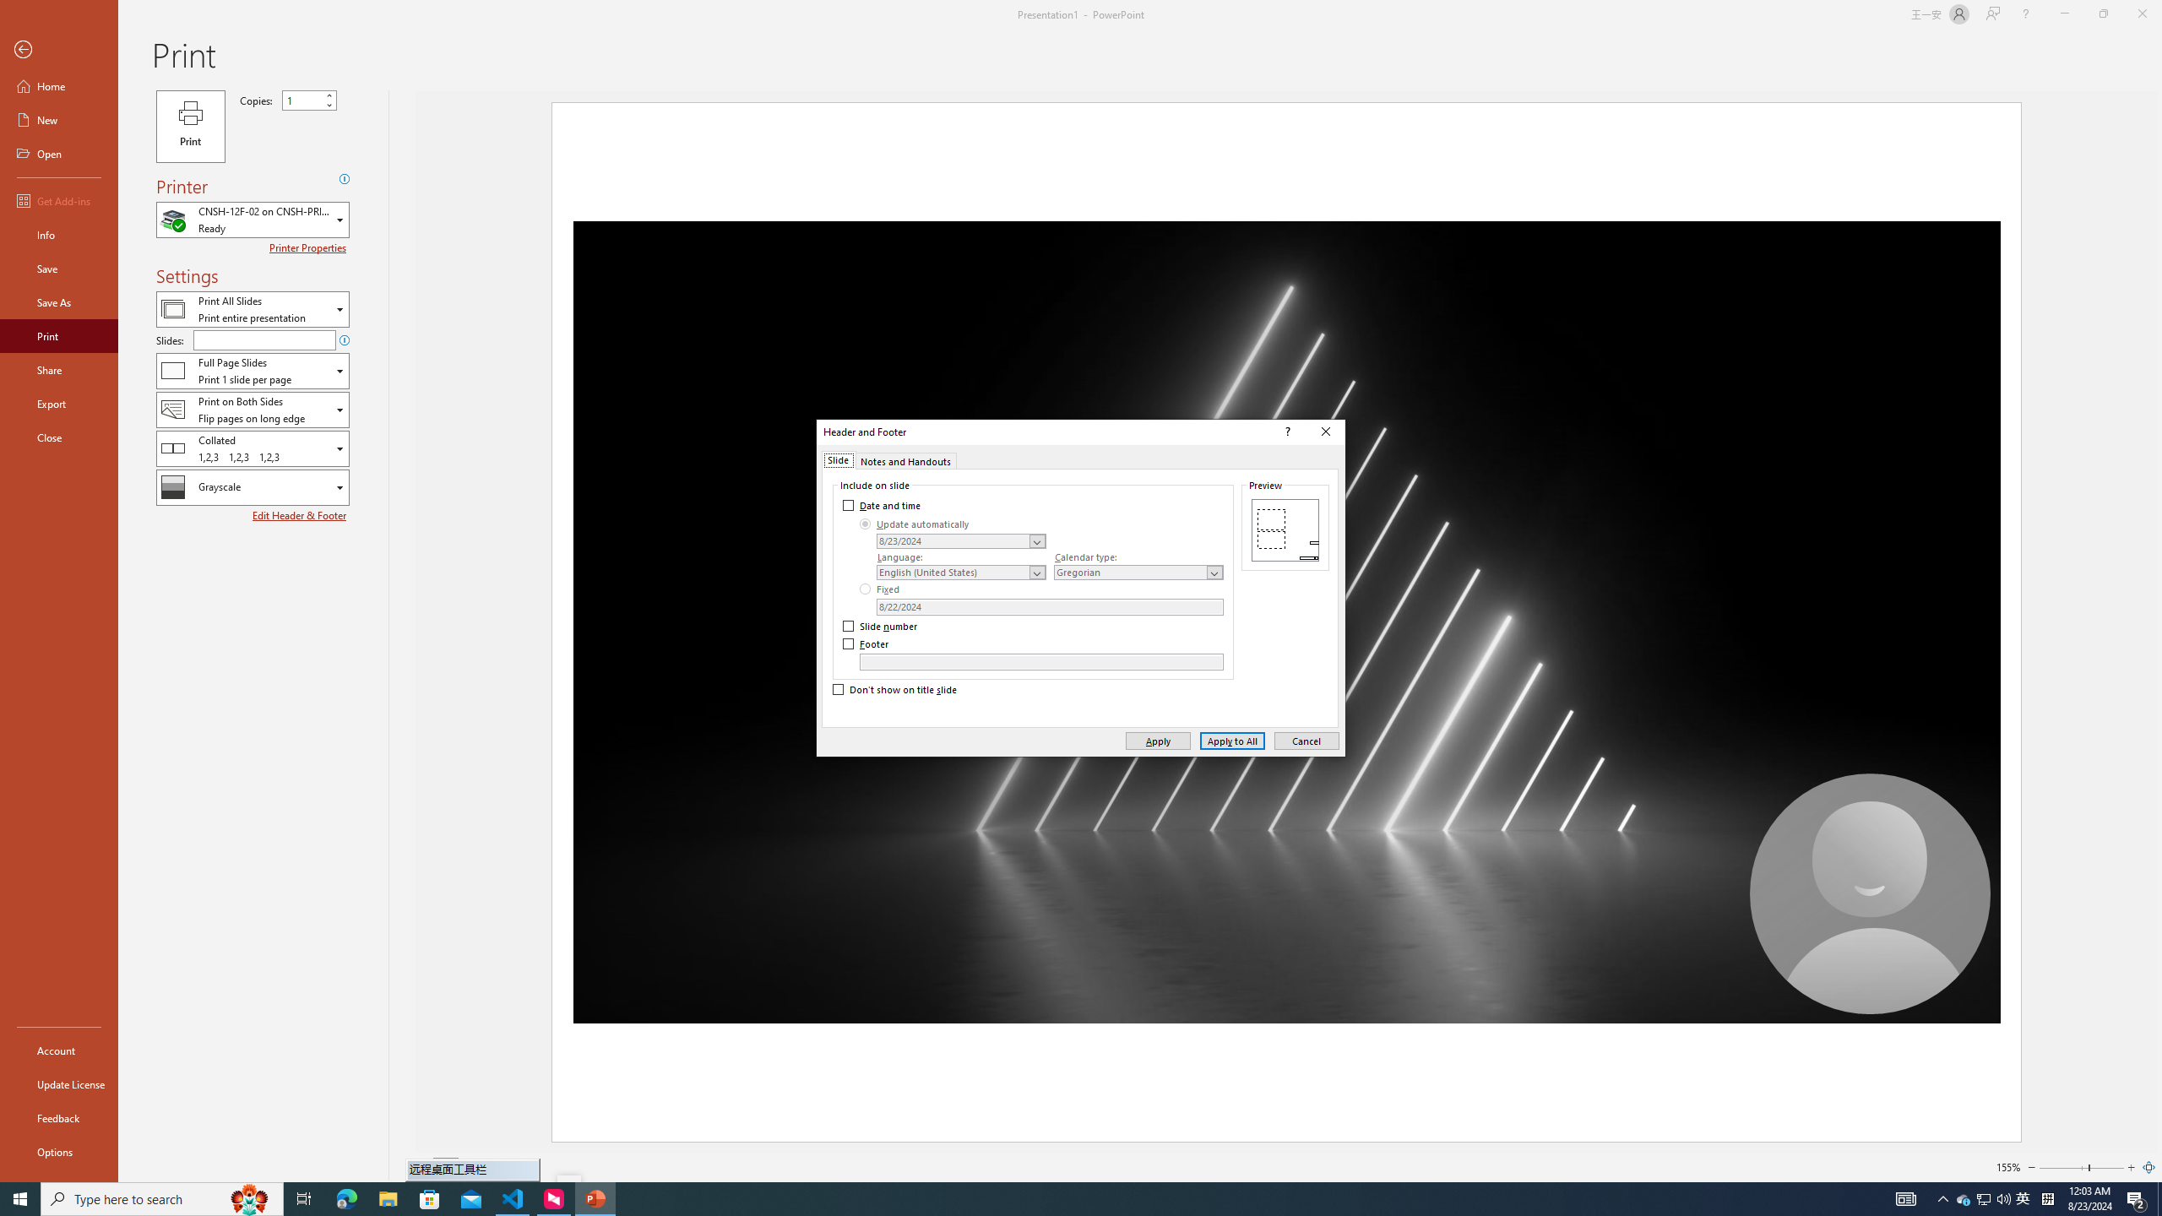  I want to click on 'Language', so click(960, 572).